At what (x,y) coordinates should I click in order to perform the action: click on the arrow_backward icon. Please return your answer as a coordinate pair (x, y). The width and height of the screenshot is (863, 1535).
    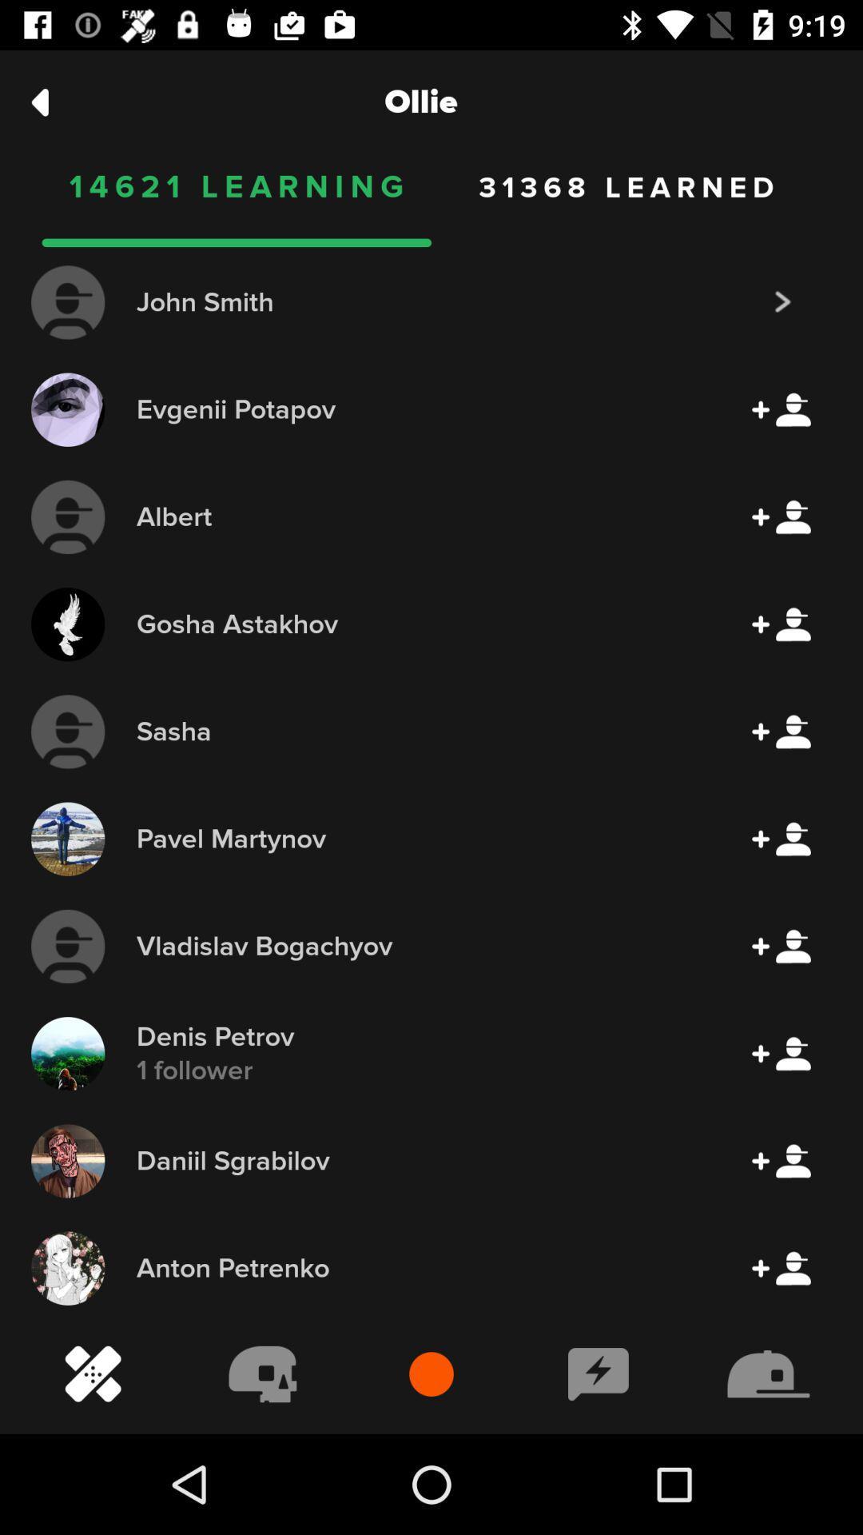
    Looking at the image, I should click on (39, 102).